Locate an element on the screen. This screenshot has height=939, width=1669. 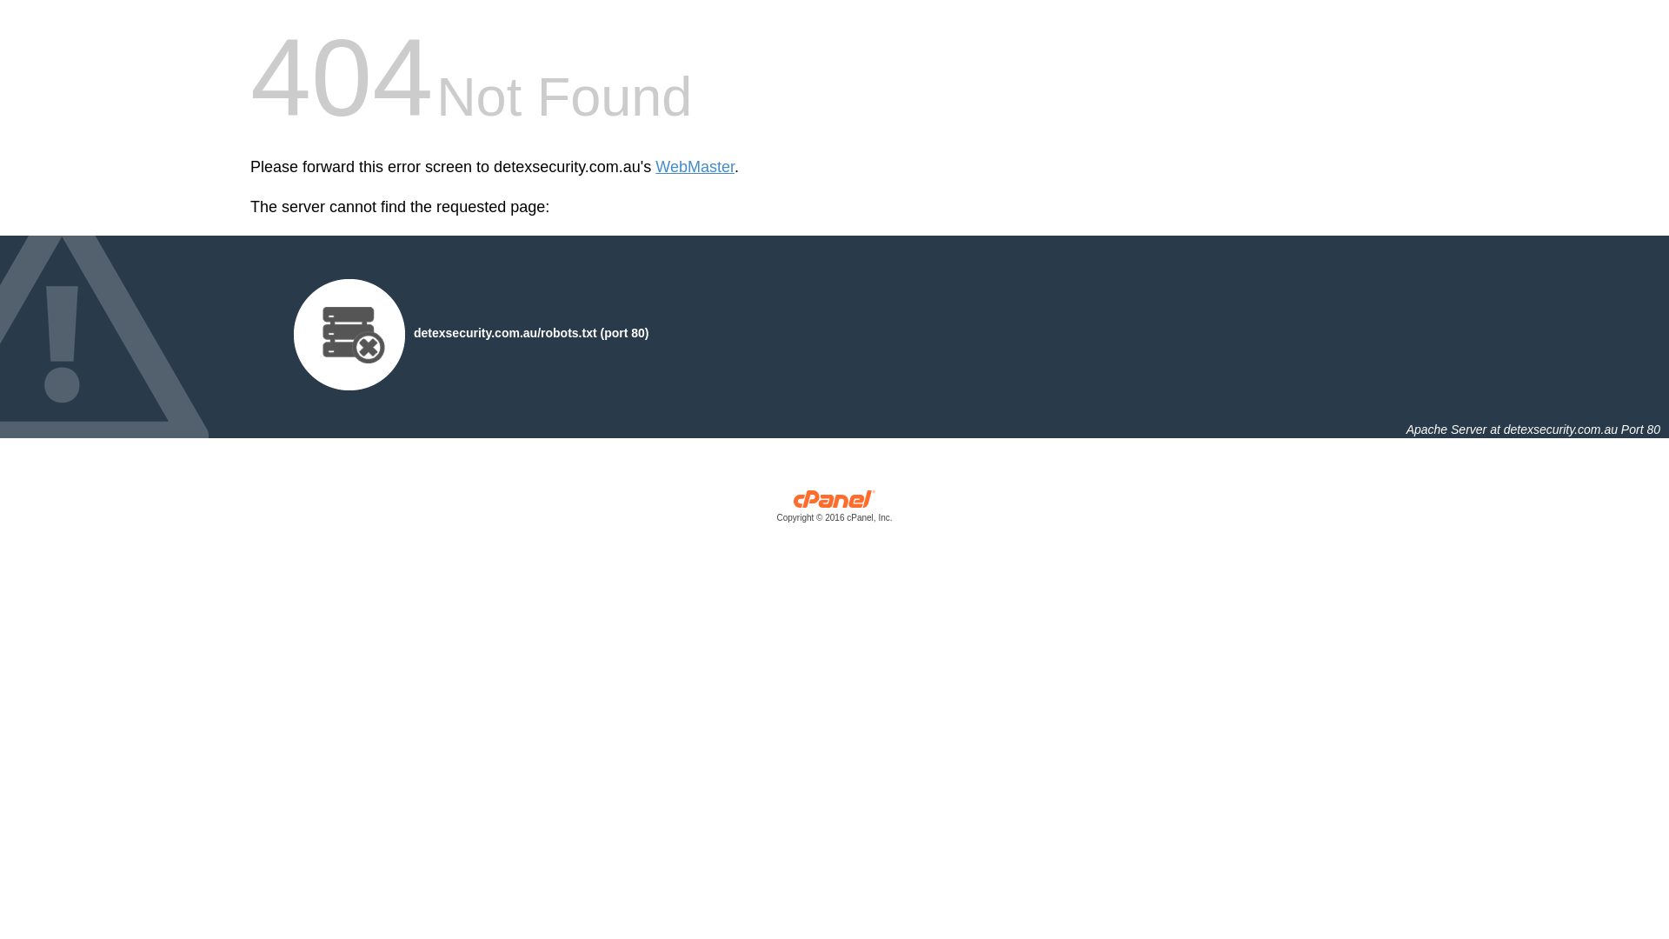
'WebMaster' is located at coordinates (654, 167).